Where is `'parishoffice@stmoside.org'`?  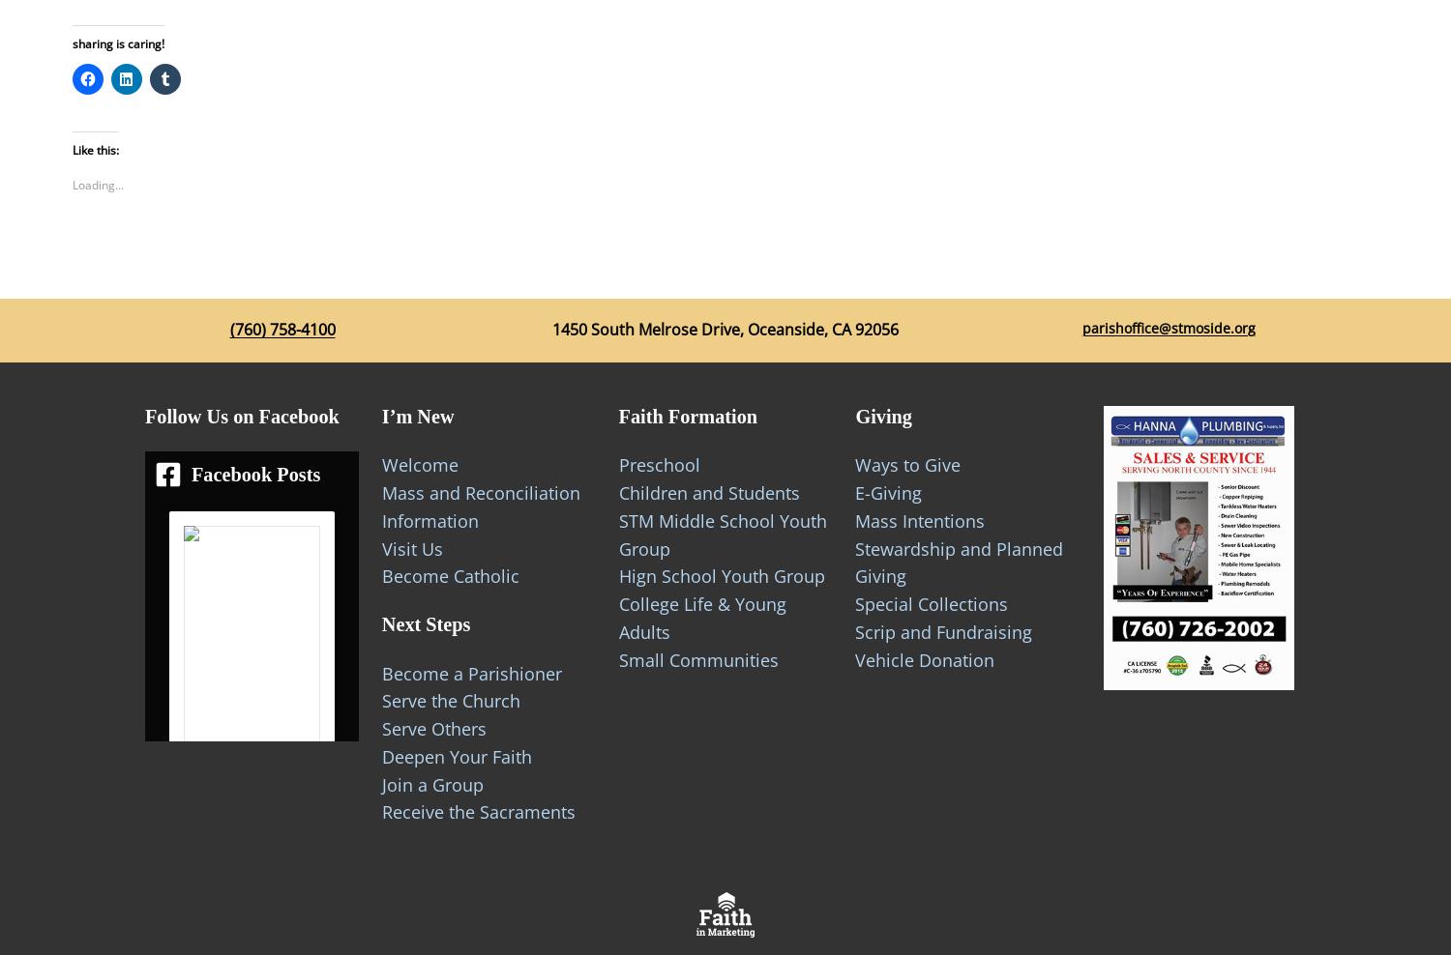 'parishoffice@stmoside.org' is located at coordinates (1167, 328).